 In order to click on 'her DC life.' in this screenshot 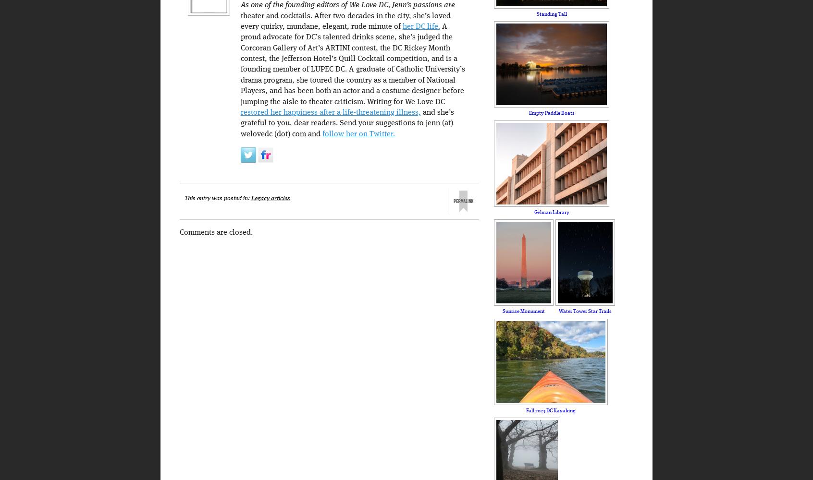, I will do `click(420, 26)`.